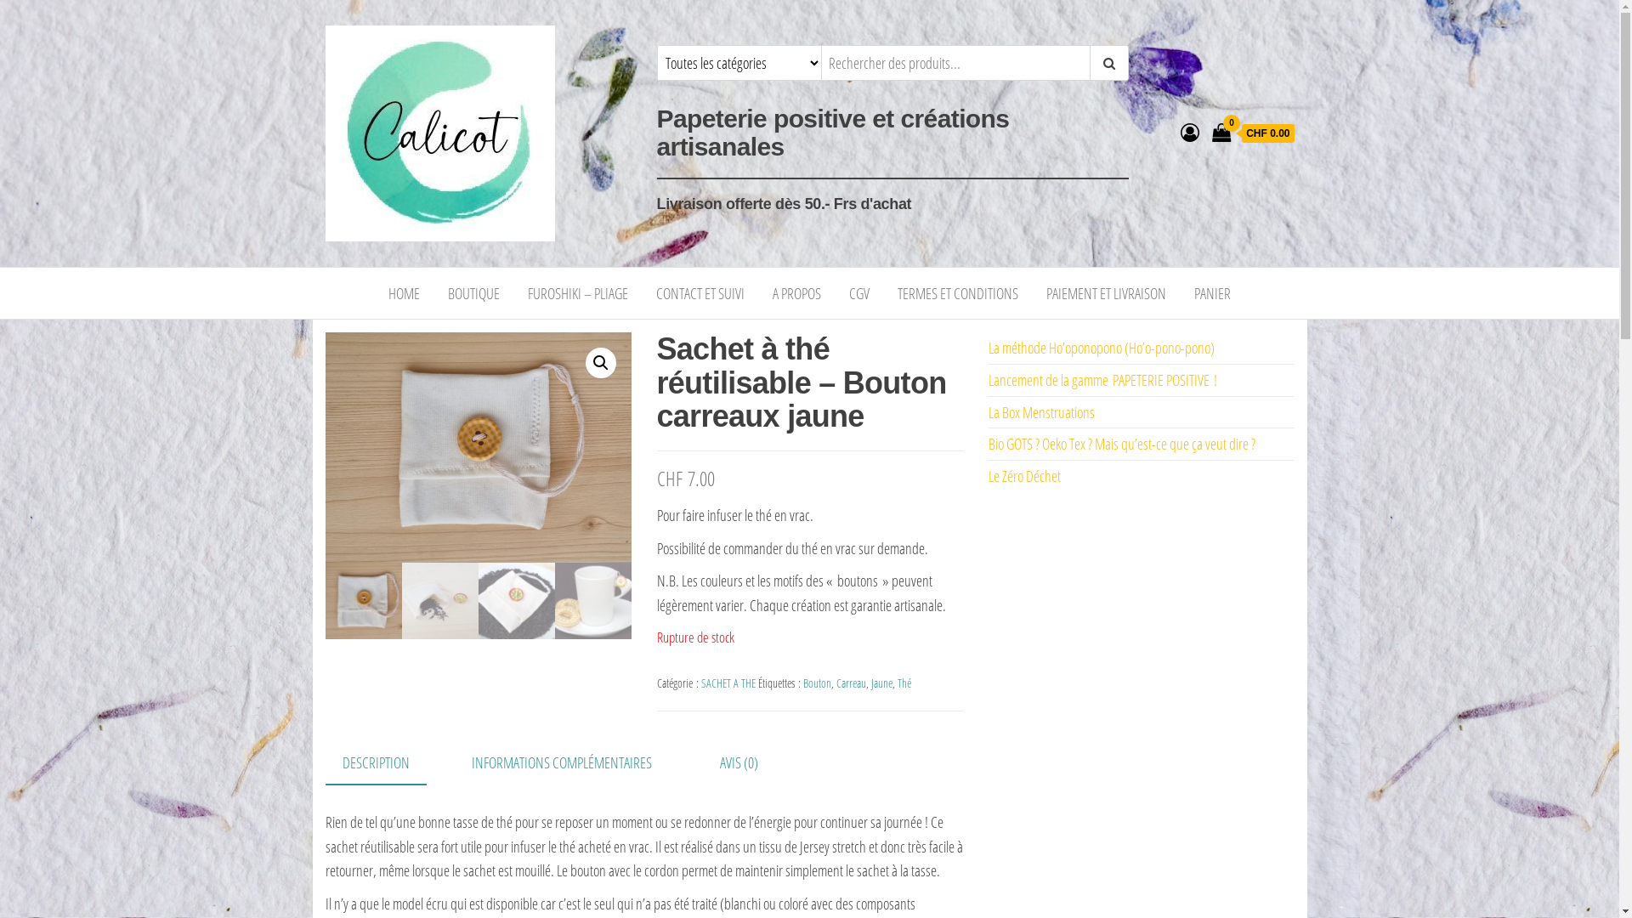 The image size is (1632, 918). Describe the element at coordinates (374, 762) in the screenshot. I see `'DESCRIPTION'` at that location.